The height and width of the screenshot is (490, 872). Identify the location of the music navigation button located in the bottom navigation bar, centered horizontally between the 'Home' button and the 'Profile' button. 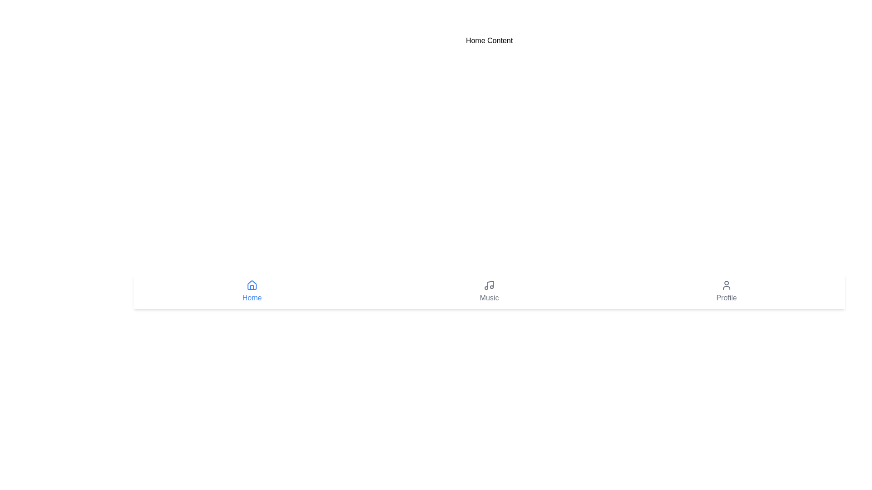
(489, 292).